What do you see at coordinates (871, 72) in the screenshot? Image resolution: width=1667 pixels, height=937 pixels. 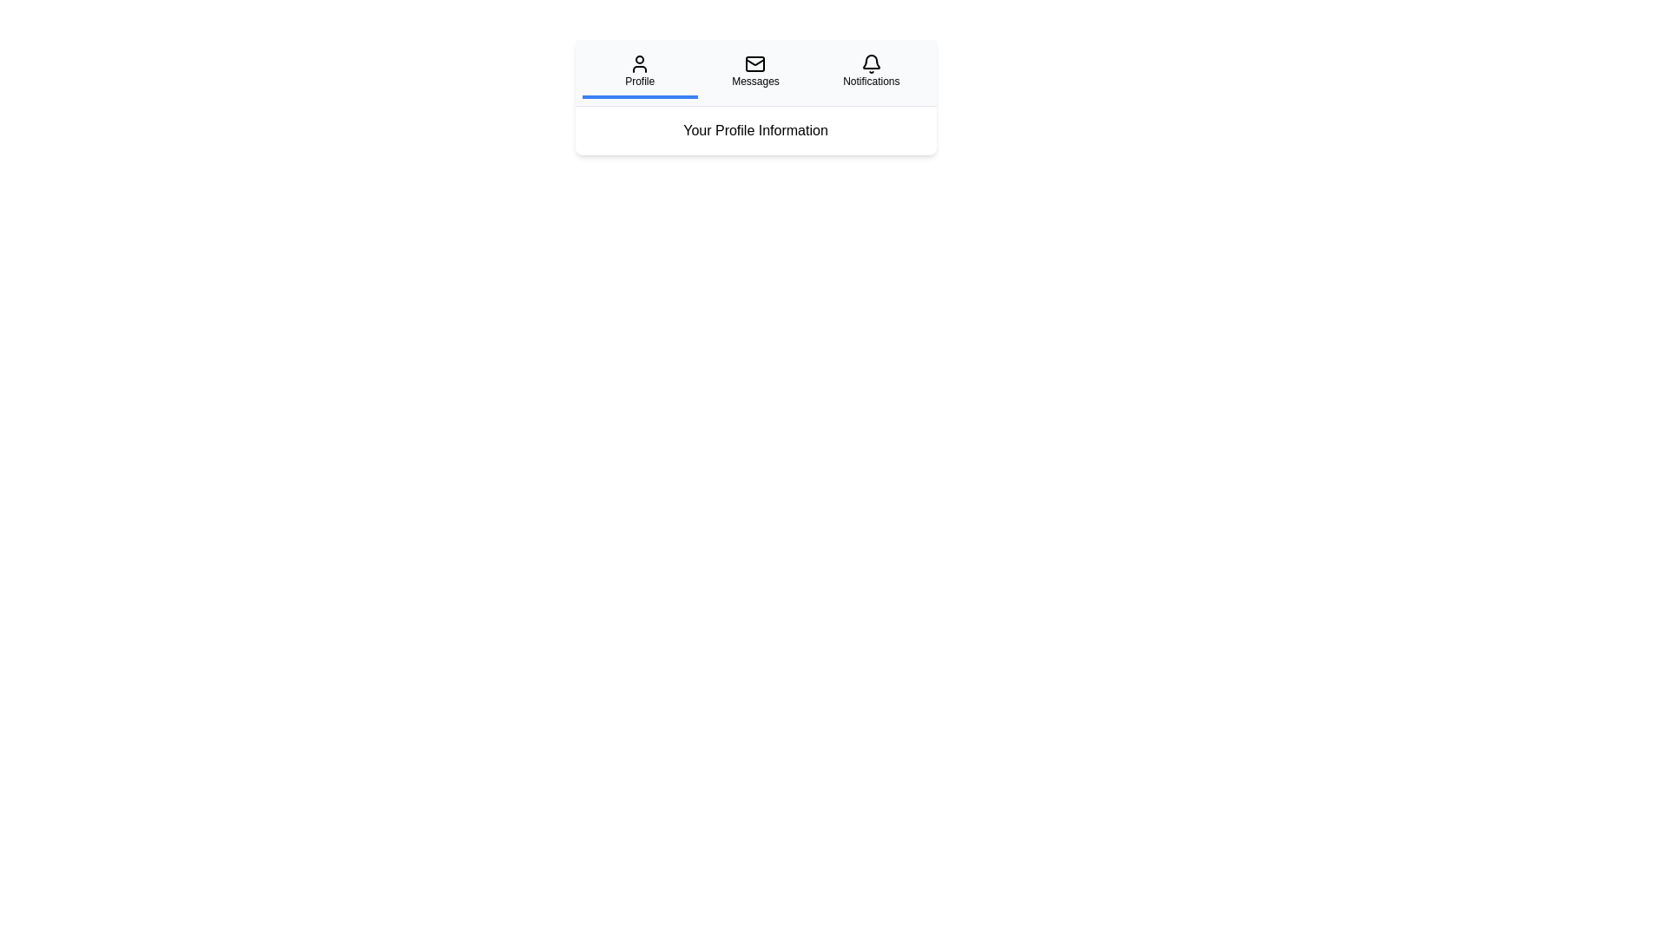 I see `the Notifications button, which features a bell icon and the text 'Notifications', located in the rightmost position of the horizontal navigation bar` at bounding box center [871, 72].